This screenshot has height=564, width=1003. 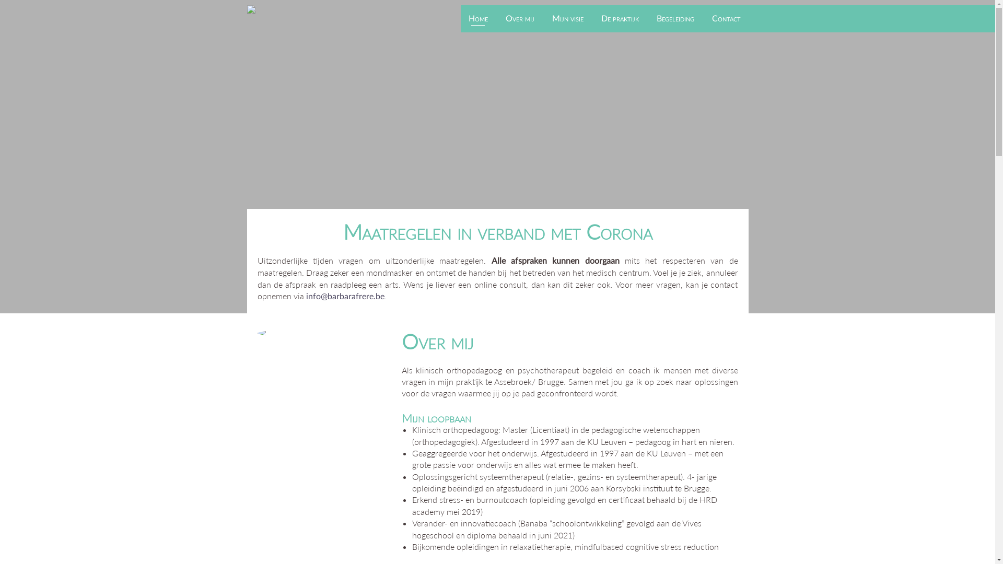 What do you see at coordinates (704, 18) in the screenshot?
I see `'Contact'` at bounding box center [704, 18].